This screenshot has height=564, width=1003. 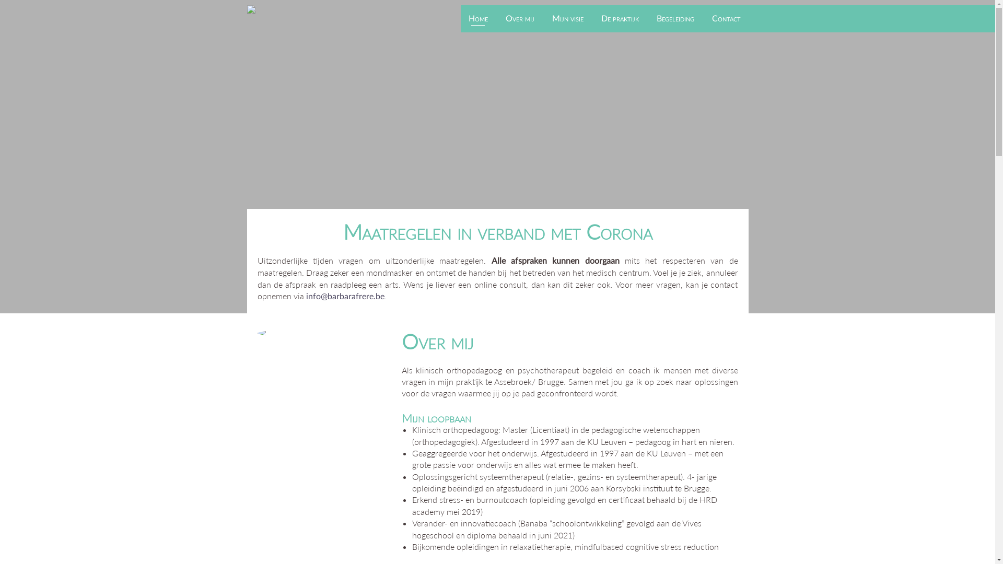 What do you see at coordinates (704, 18) in the screenshot?
I see `'Contact'` at bounding box center [704, 18].